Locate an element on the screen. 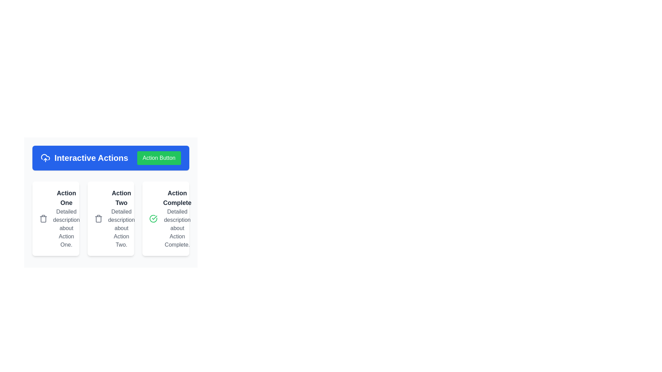 This screenshot has height=372, width=662. the text displaying the message 'Detailed description about Action One.' which is styled with a gray font color and is located below the heading 'Action One' in the first card of a horizontally aligned set of three cards is located at coordinates (66, 228).